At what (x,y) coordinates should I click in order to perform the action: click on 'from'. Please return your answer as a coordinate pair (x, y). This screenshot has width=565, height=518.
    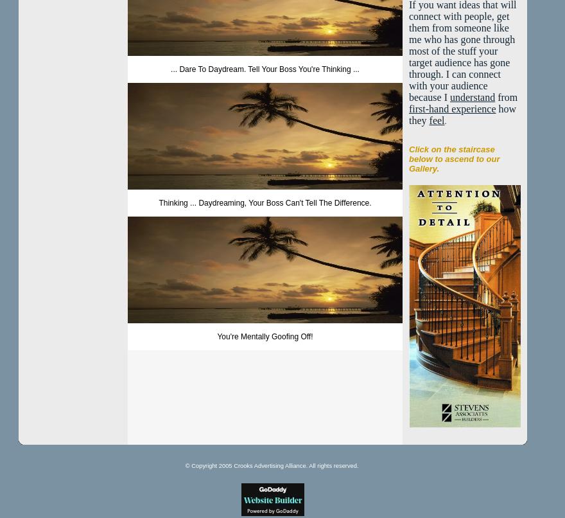
    Looking at the image, I should click on (506, 97).